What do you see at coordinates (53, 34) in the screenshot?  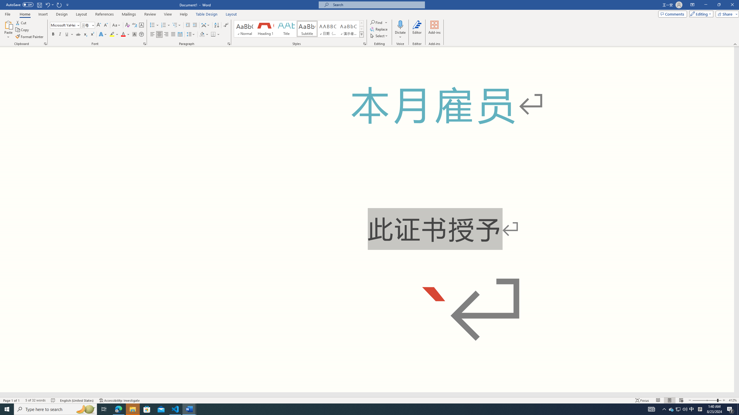 I see `'Bold'` at bounding box center [53, 34].